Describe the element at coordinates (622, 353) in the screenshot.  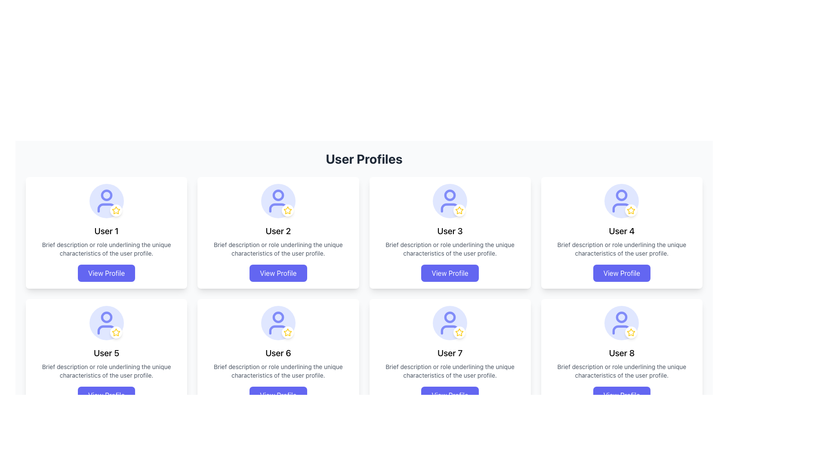
I see `the text label displaying the username for 'User 8' in the user profiles grid, located centrally near the top of the card` at that location.